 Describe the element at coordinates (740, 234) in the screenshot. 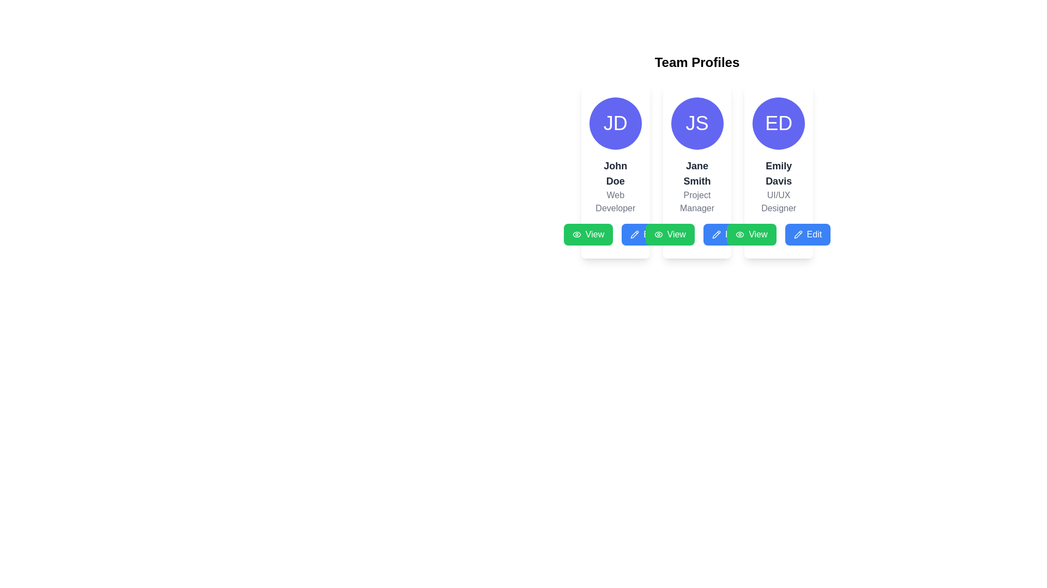

I see `the eye-shaped icon representing visibility in the 'View' button within Emily Davis's profile card, located to the left of the 'View' text` at that location.